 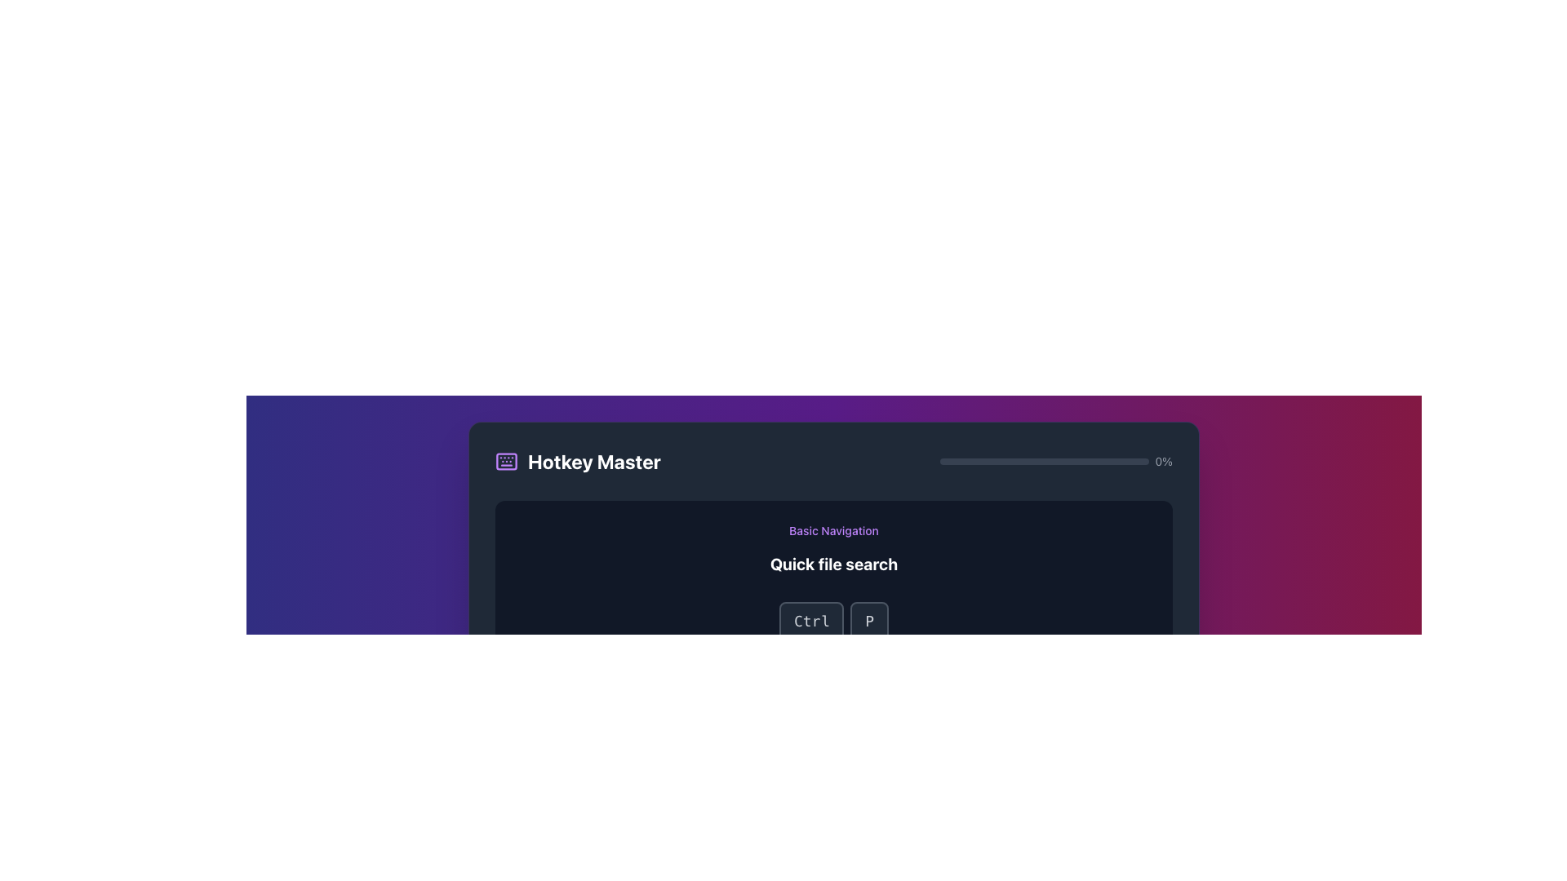 What do you see at coordinates (1163, 462) in the screenshot?
I see `the static text displaying '0%' in light gray, which is positioned horizontally aligned next to the progress bar within a dark-colored user interface` at bounding box center [1163, 462].